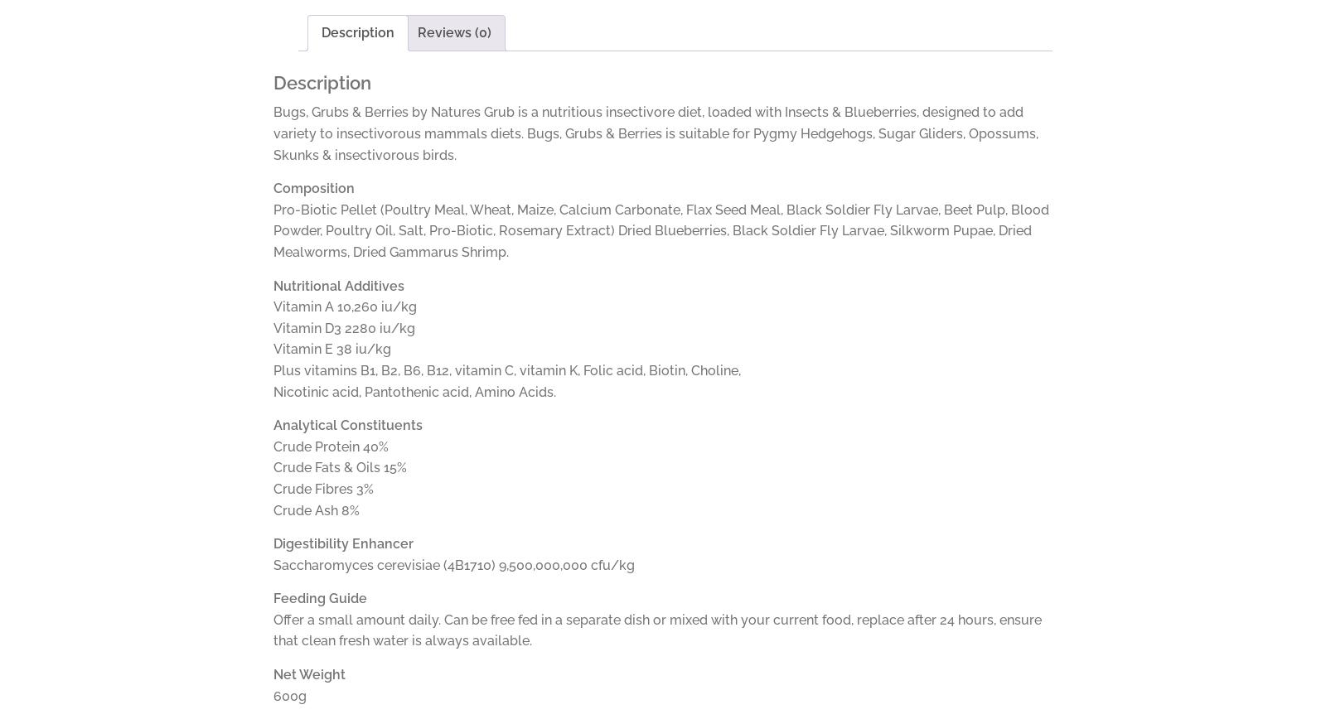 This screenshot has width=1326, height=724. What do you see at coordinates (507, 369) in the screenshot?
I see `'Plus vitamins B1, B2, B6, B12, vitamin C, vitamin K, Folic acid, Biotin, Choline,'` at bounding box center [507, 369].